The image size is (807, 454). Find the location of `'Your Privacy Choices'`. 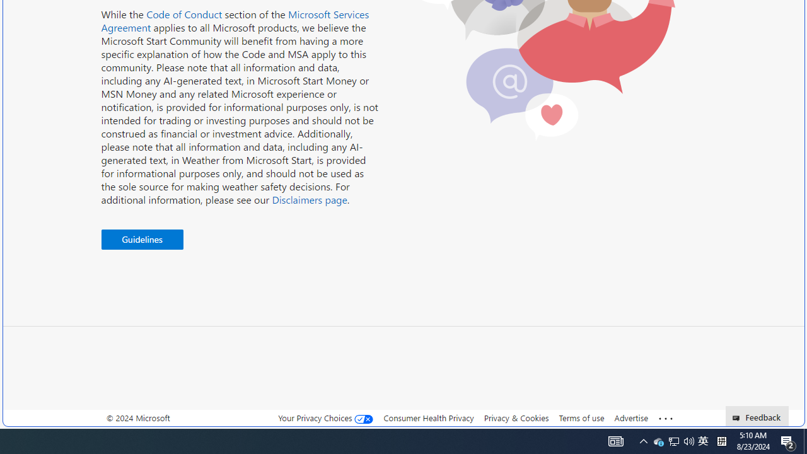

'Your Privacy Choices' is located at coordinates (326, 417).